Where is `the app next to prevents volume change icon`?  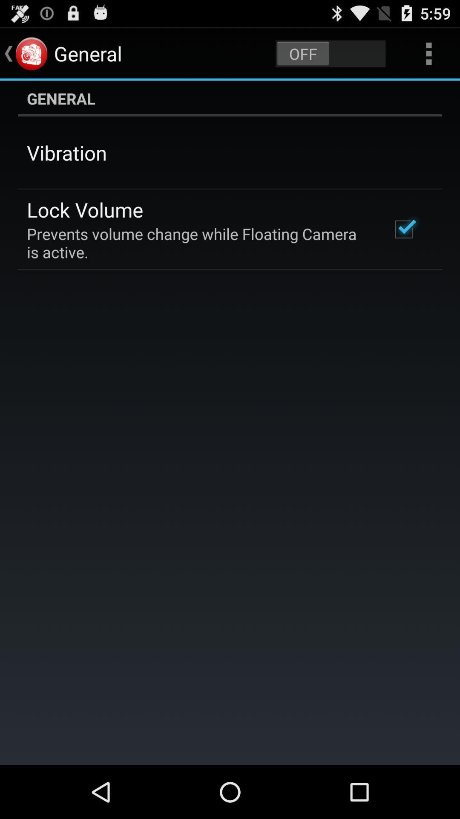 the app next to prevents volume change icon is located at coordinates (403, 229).